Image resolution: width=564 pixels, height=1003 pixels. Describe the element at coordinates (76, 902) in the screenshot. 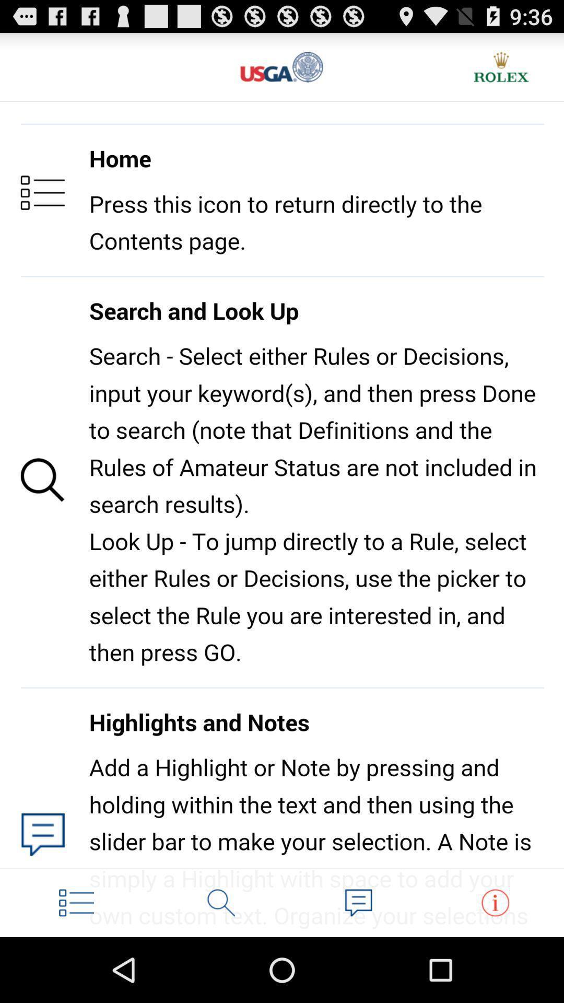

I see `contents page` at that location.